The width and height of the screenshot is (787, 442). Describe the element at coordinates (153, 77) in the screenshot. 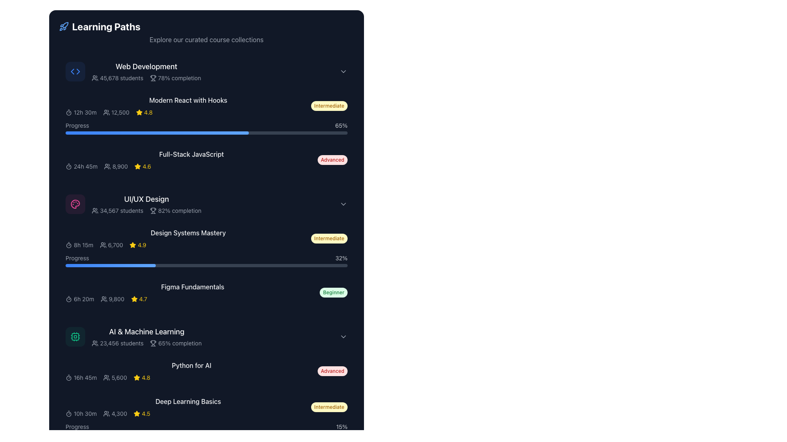

I see `the trophy icon representing achievement in the 'Web Development' section under the 'Learning Paths' header, located at the specified coordinates` at that location.